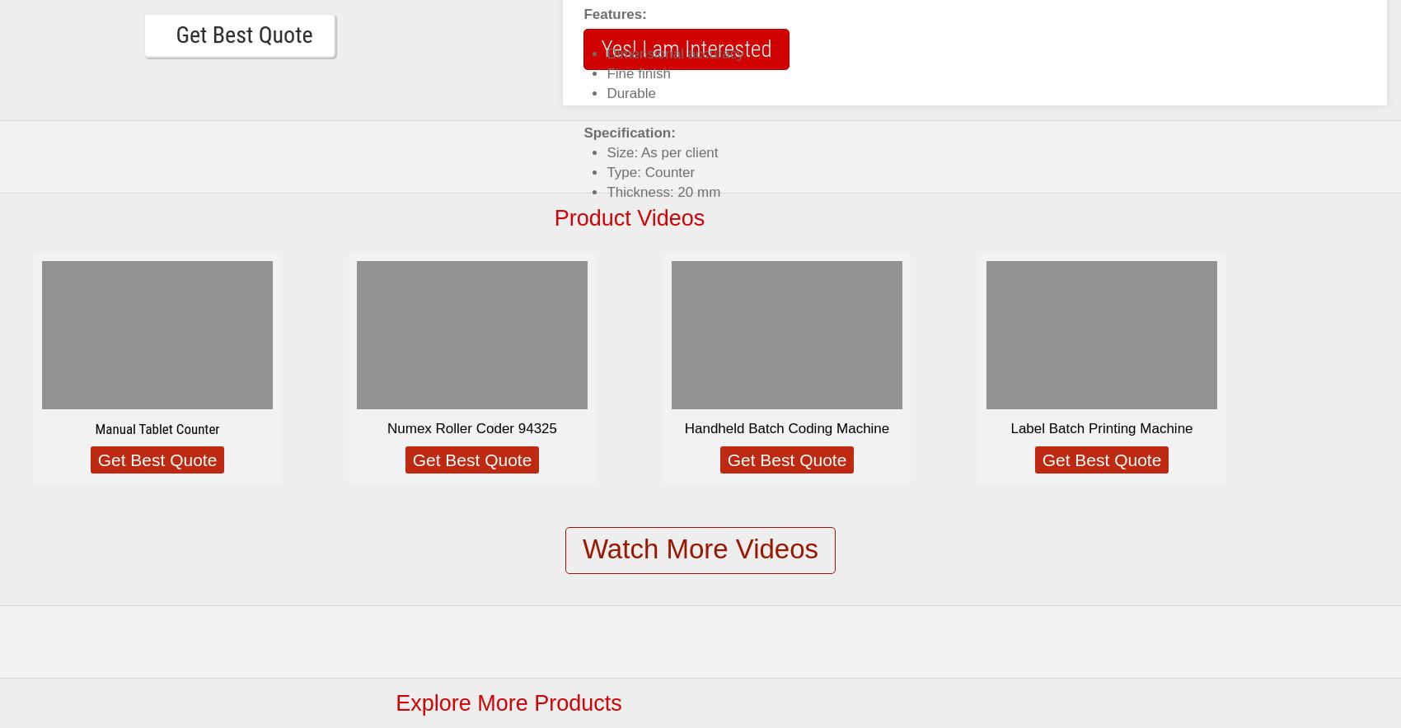  Describe the element at coordinates (786, 428) in the screenshot. I see `'Handheld Batch Coding Machine'` at that location.